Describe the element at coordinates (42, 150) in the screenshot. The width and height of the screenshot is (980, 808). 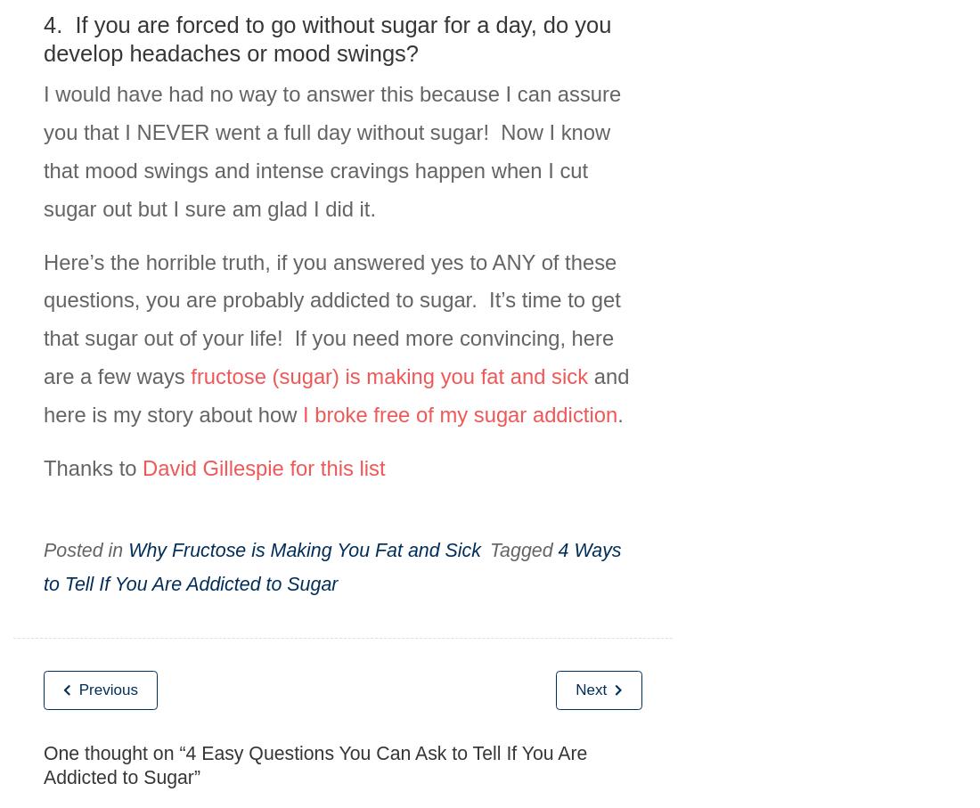
I see `'I would have had no way to answer this because I can assure you that I NEVER went a full day without sugar!  Now I know that mood swings and intense cravings happen when I cut sugar out but I sure am glad I did it.'` at that location.